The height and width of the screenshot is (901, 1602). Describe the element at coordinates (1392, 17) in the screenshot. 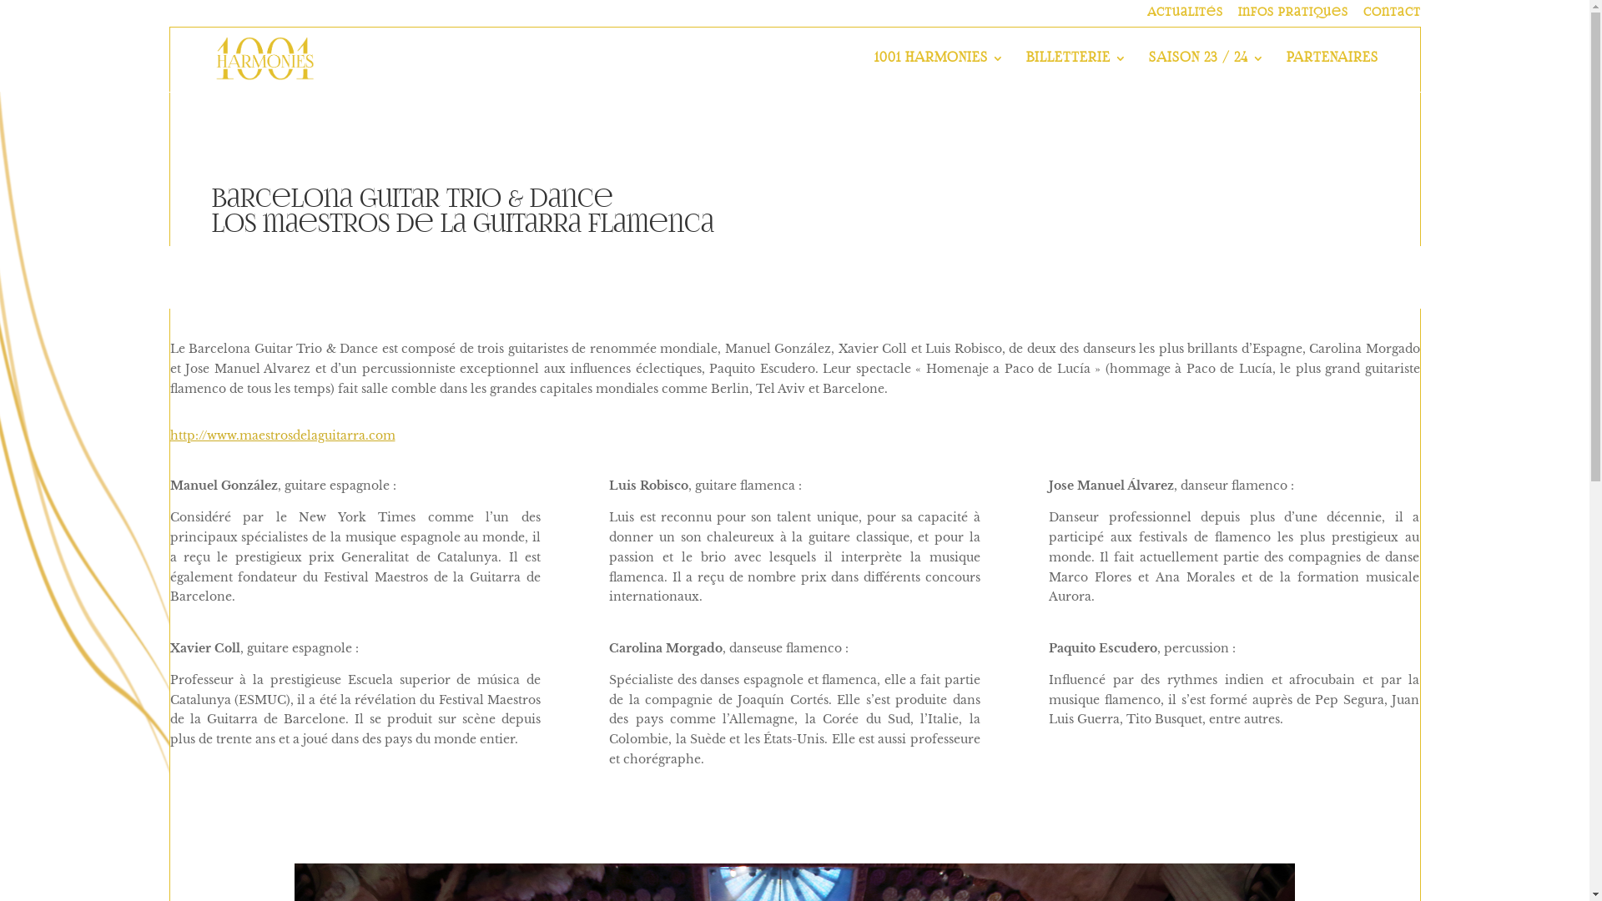

I see `'Contact'` at that location.